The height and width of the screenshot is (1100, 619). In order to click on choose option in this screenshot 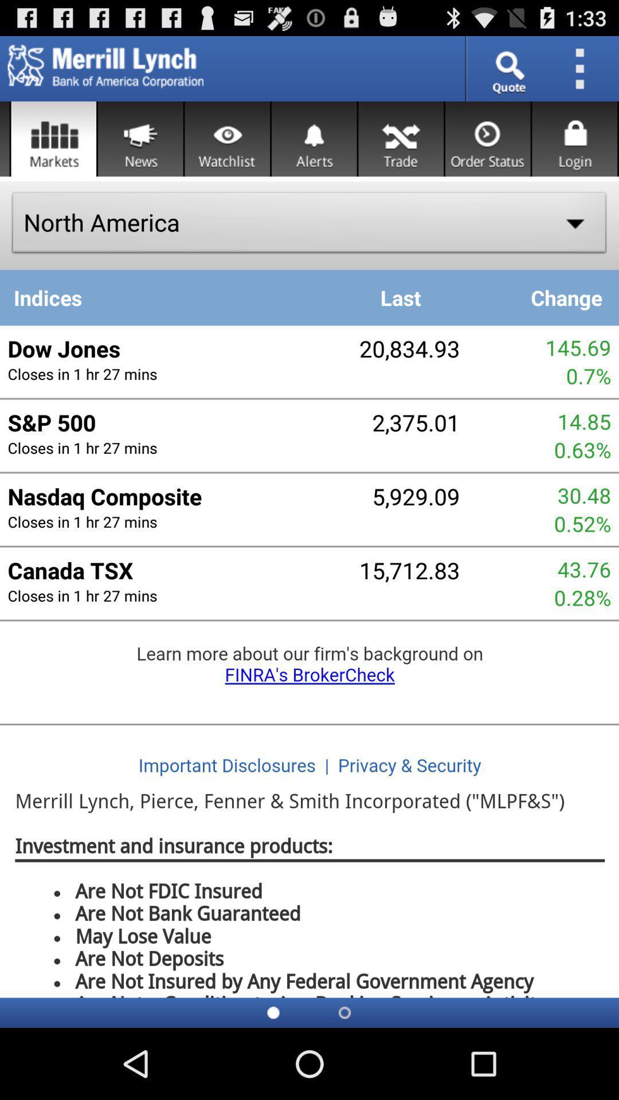, I will do `click(53, 138)`.